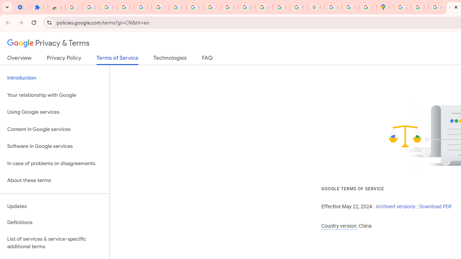 The width and height of the screenshot is (461, 259). I want to click on 'In case of problems or disagreements', so click(54, 163).